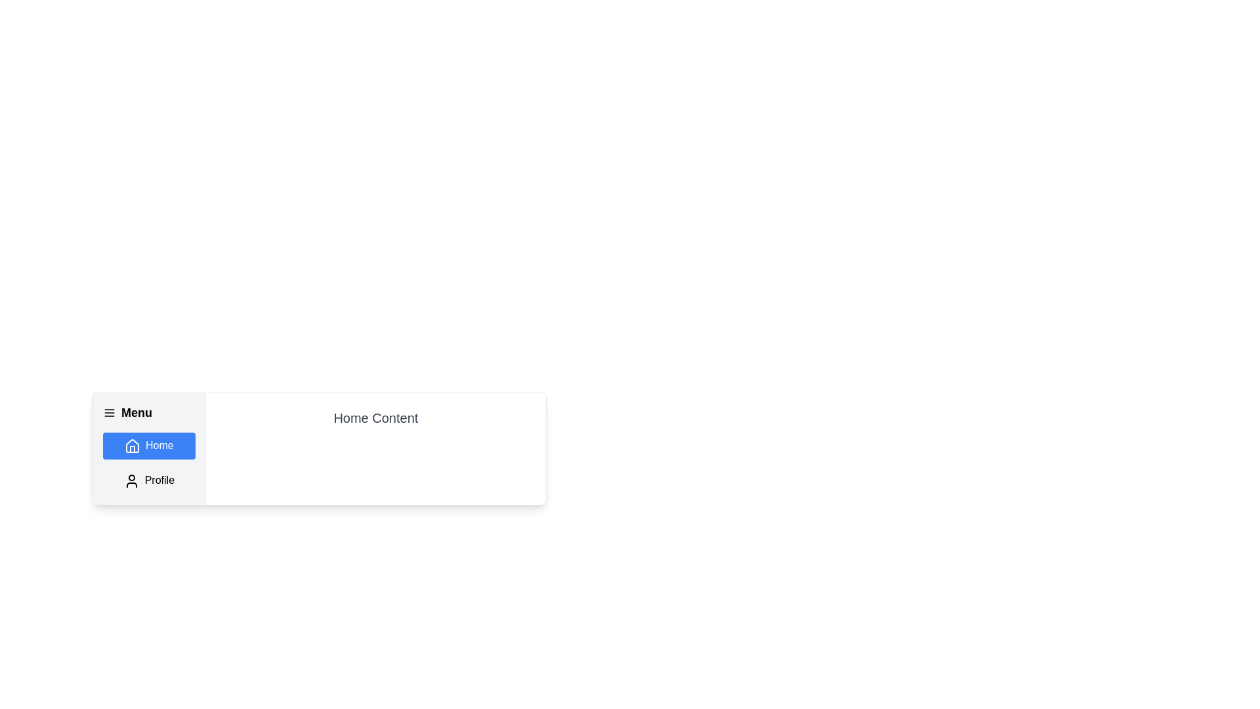 The height and width of the screenshot is (709, 1260). What do you see at coordinates (136, 412) in the screenshot?
I see `'Menu' Text Label which serves as a header indicating the Menu section` at bounding box center [136, 412].